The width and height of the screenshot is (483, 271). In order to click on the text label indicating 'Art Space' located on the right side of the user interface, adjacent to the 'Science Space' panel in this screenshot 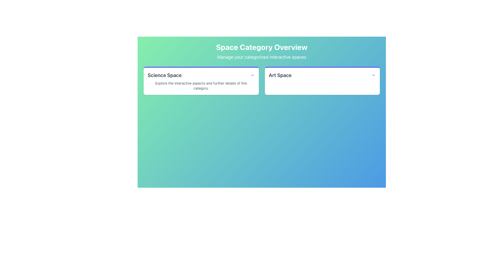, I will do `click(280, 75)`.